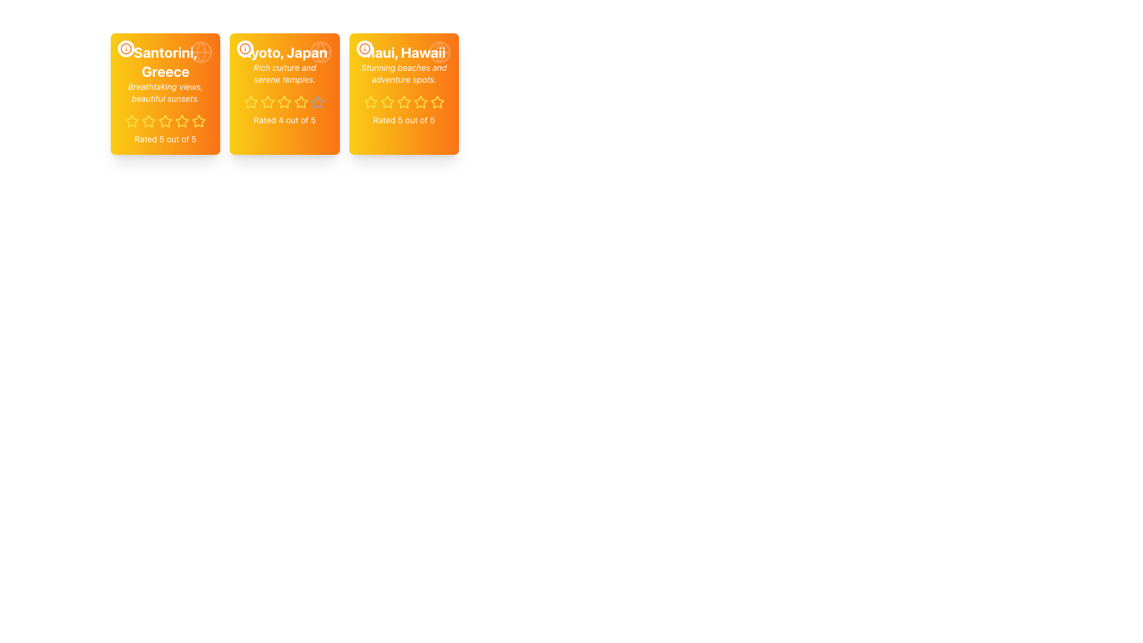 This screenshot has width=1143, height=643. What do you see at coordinates (404, 102) in the screenshot?
I see `the fourth star icon representing the fourth rating level in a 5-star rating scale, located below the card labeled 'Maui, Hawaii.'` at bounding box center [404, 102].